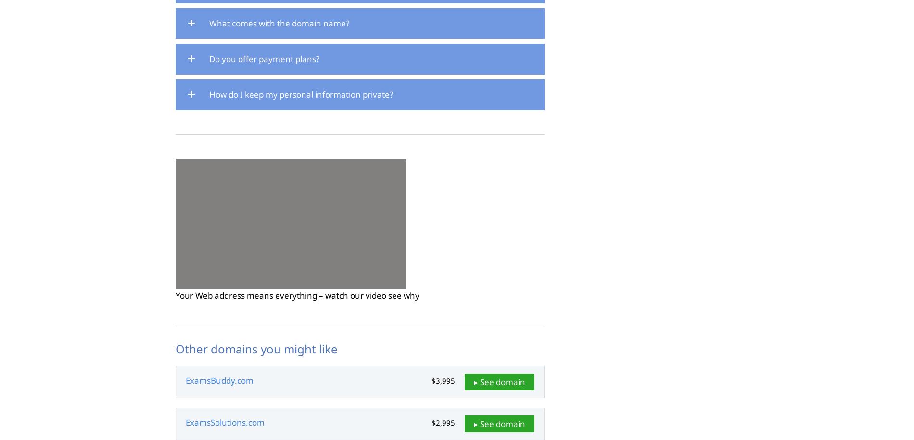 This screenshot has width=914, height=440. I want to click on 'Other domains you might like', so click(256, 349).